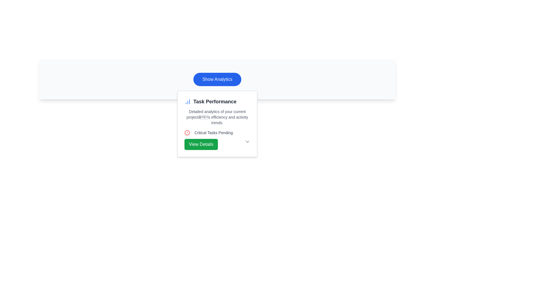 The image size is (535, 300). What do you see at coordinates (217, 133) in the screenshot?
I see `the Notification element with a red icon and text that alerts users about pending critical tasks, located above the 'View Details' green button` at bounding box center [217, 133].